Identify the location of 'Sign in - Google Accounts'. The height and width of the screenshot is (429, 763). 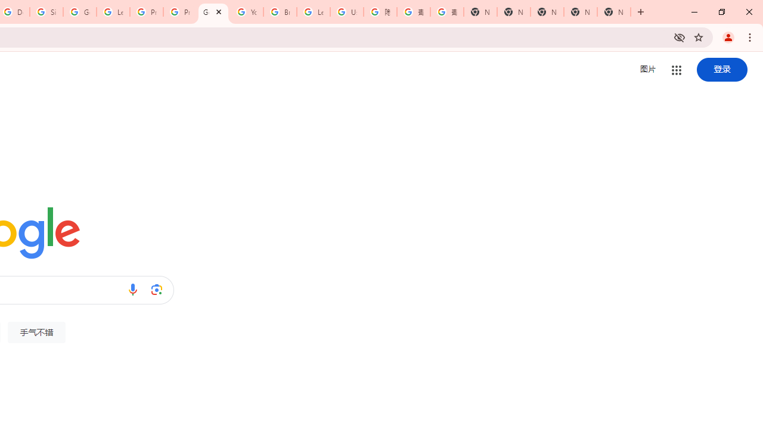
(46, 12).